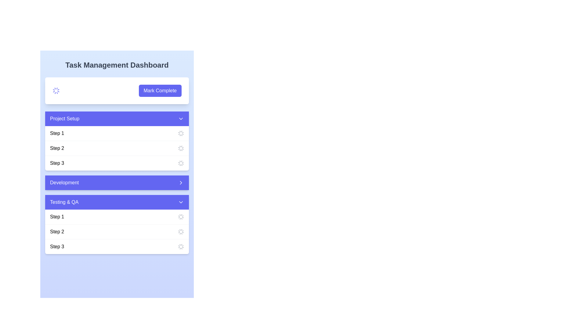 The width and height of the screenshot is (586, 329). What do you see at coordinates (181, 182) in the screenshot?
I see `the Chevron icon next to the 'Development' section header` at bounding box center [181, 182].